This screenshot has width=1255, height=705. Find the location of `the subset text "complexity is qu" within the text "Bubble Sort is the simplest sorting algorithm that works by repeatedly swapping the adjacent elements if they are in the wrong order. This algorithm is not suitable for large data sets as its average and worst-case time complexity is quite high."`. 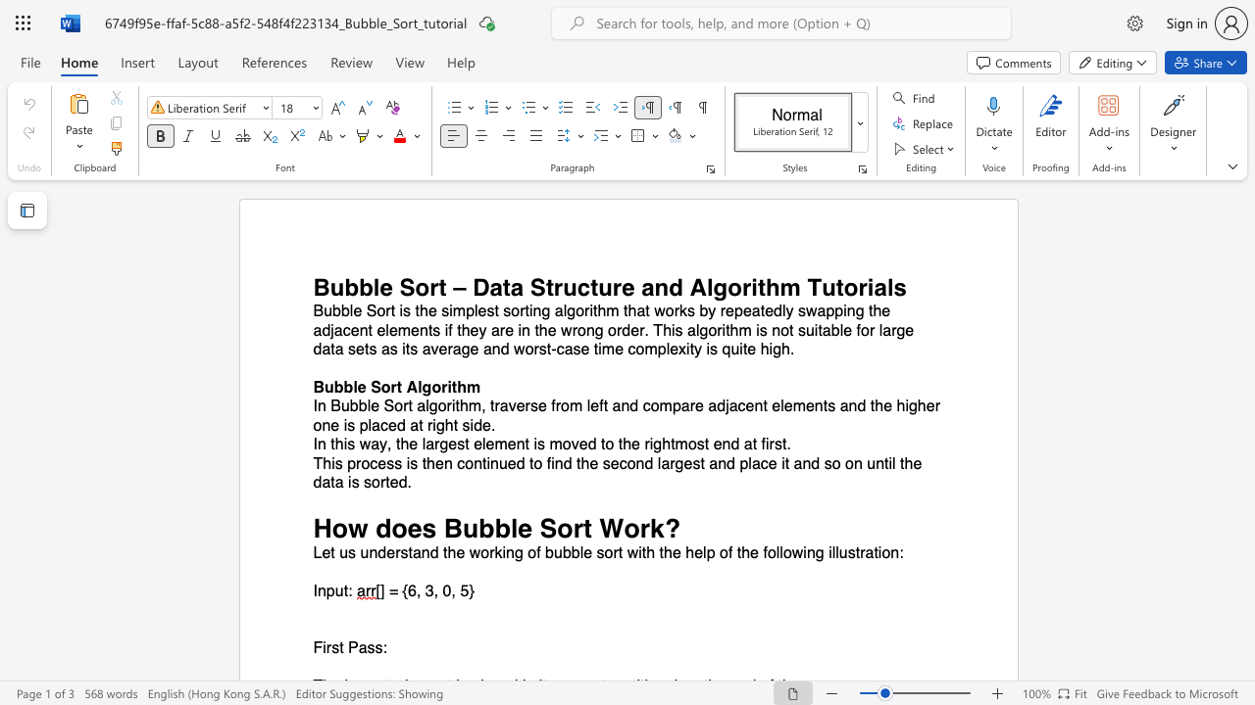

the subset text "complexity is qu" within the text "Bubble Sort is the simplest sorting algorithm that works by repeatedly swapping the adjacent elements if they are in the wrong order. This algorithm is not suitable for large data sets as its average and worst-case time complexity is quite high." is located at coordinates (627, 349).